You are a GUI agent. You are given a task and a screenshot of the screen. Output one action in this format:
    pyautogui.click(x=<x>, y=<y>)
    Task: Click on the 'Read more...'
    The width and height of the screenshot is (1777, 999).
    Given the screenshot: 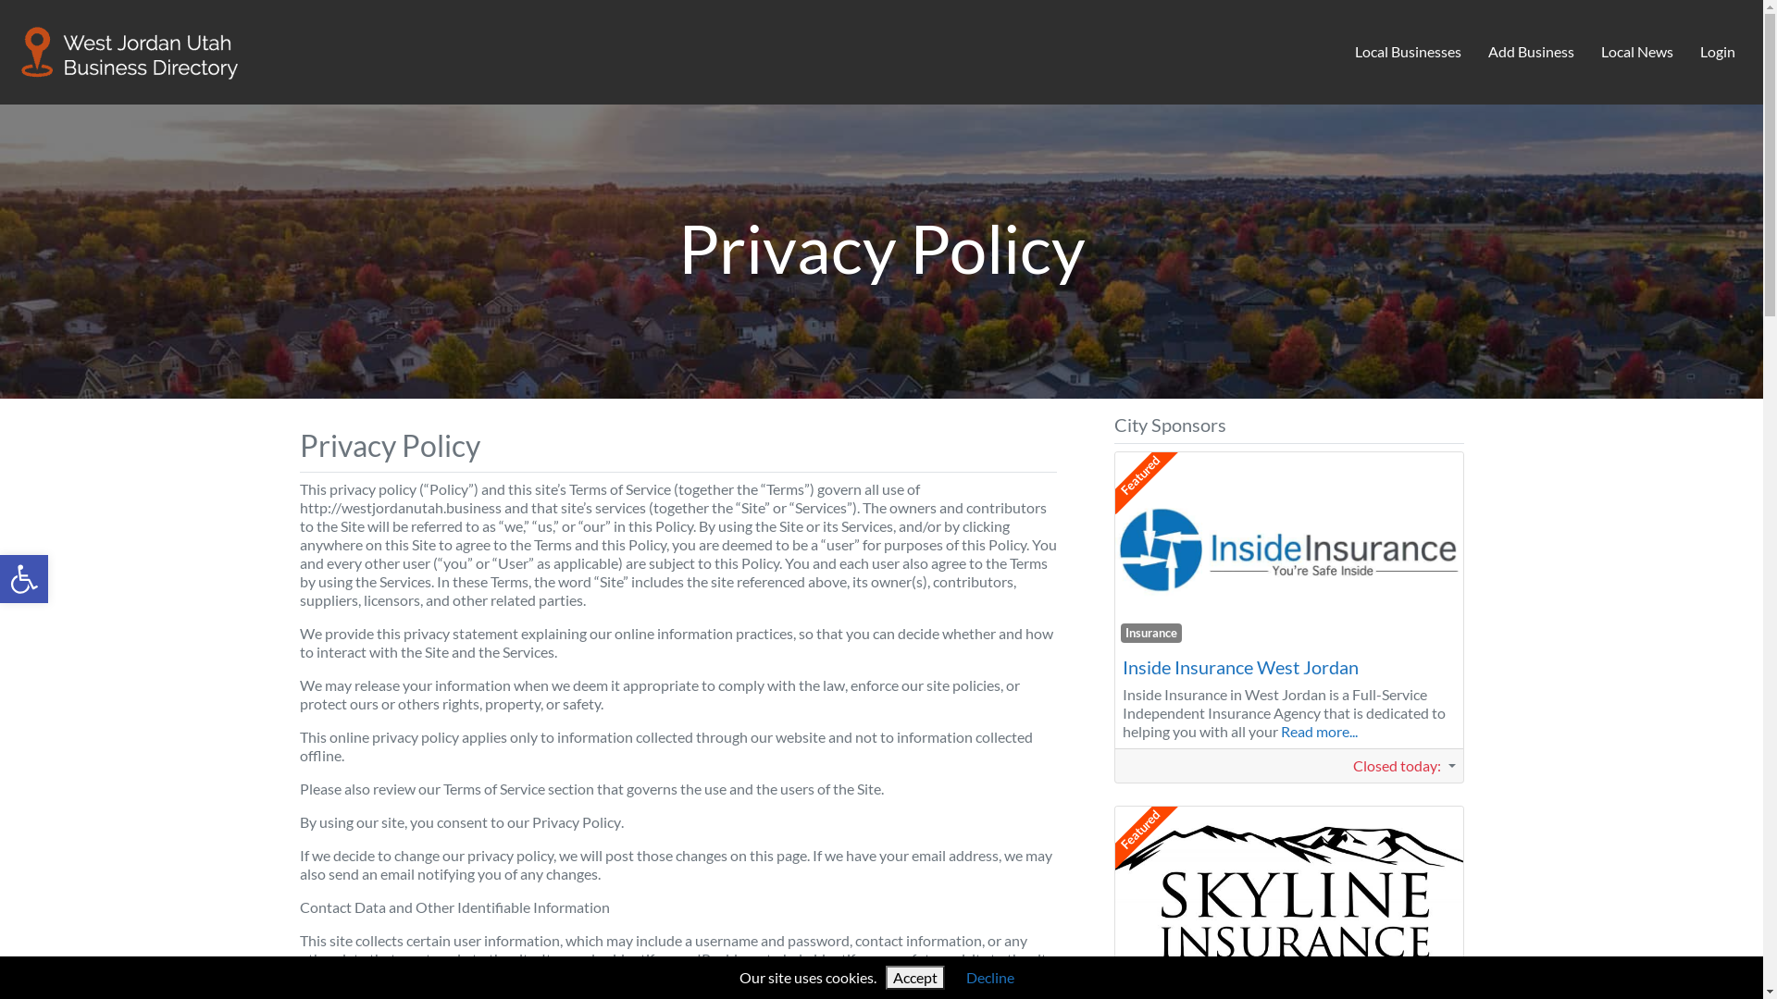 What is the action you would take?
    pyautogui.click(x=1279, y=730)
    